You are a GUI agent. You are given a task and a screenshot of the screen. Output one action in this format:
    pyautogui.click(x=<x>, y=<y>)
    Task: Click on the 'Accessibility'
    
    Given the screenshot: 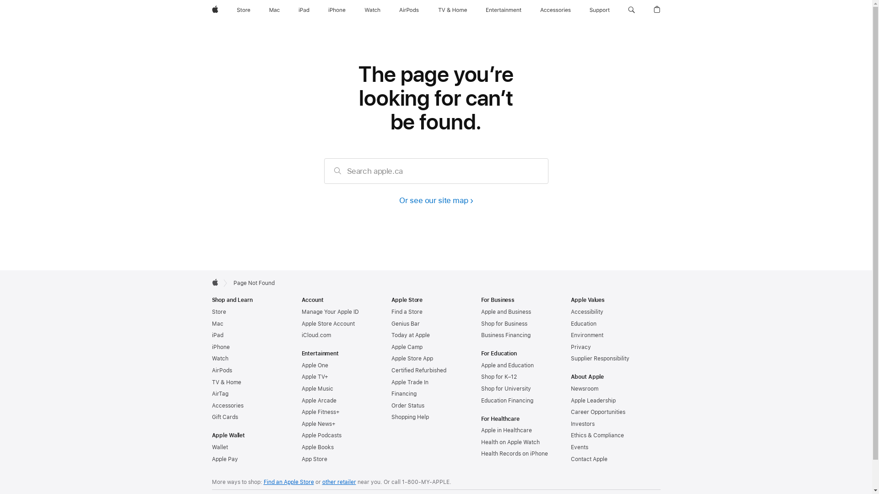 What is the action you would take?
    pyautogui.click(x=586, y=311)
    